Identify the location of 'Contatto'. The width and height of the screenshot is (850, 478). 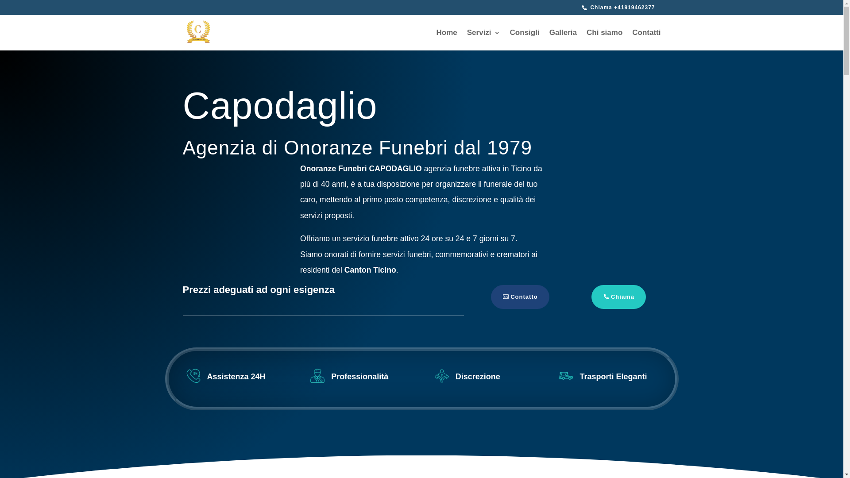
(520, 297).